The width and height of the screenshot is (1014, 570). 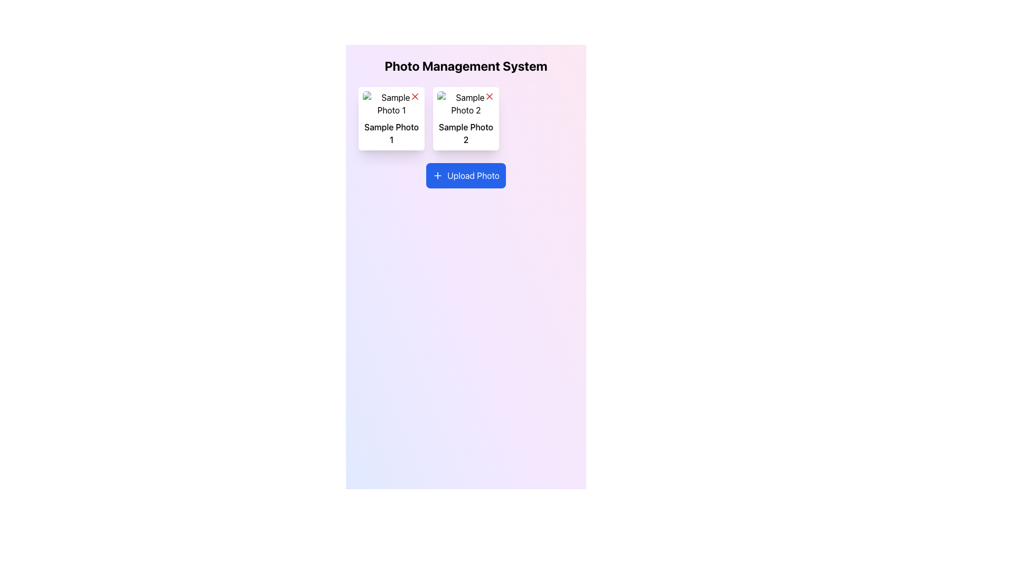 I want to click on the blue plus icon within the 'Upload Photo' button, which is positioned centrally below the photo cards, so click(x=438, y=175).